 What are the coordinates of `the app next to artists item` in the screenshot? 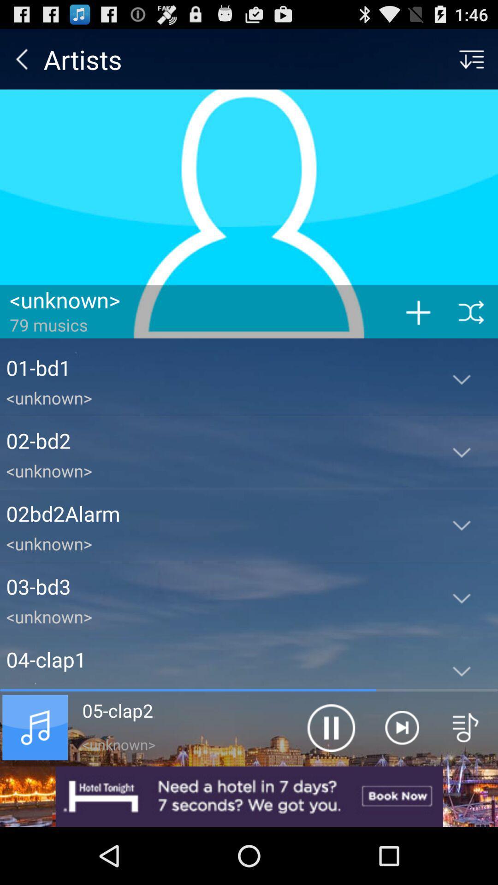 It's located at (21, 59).